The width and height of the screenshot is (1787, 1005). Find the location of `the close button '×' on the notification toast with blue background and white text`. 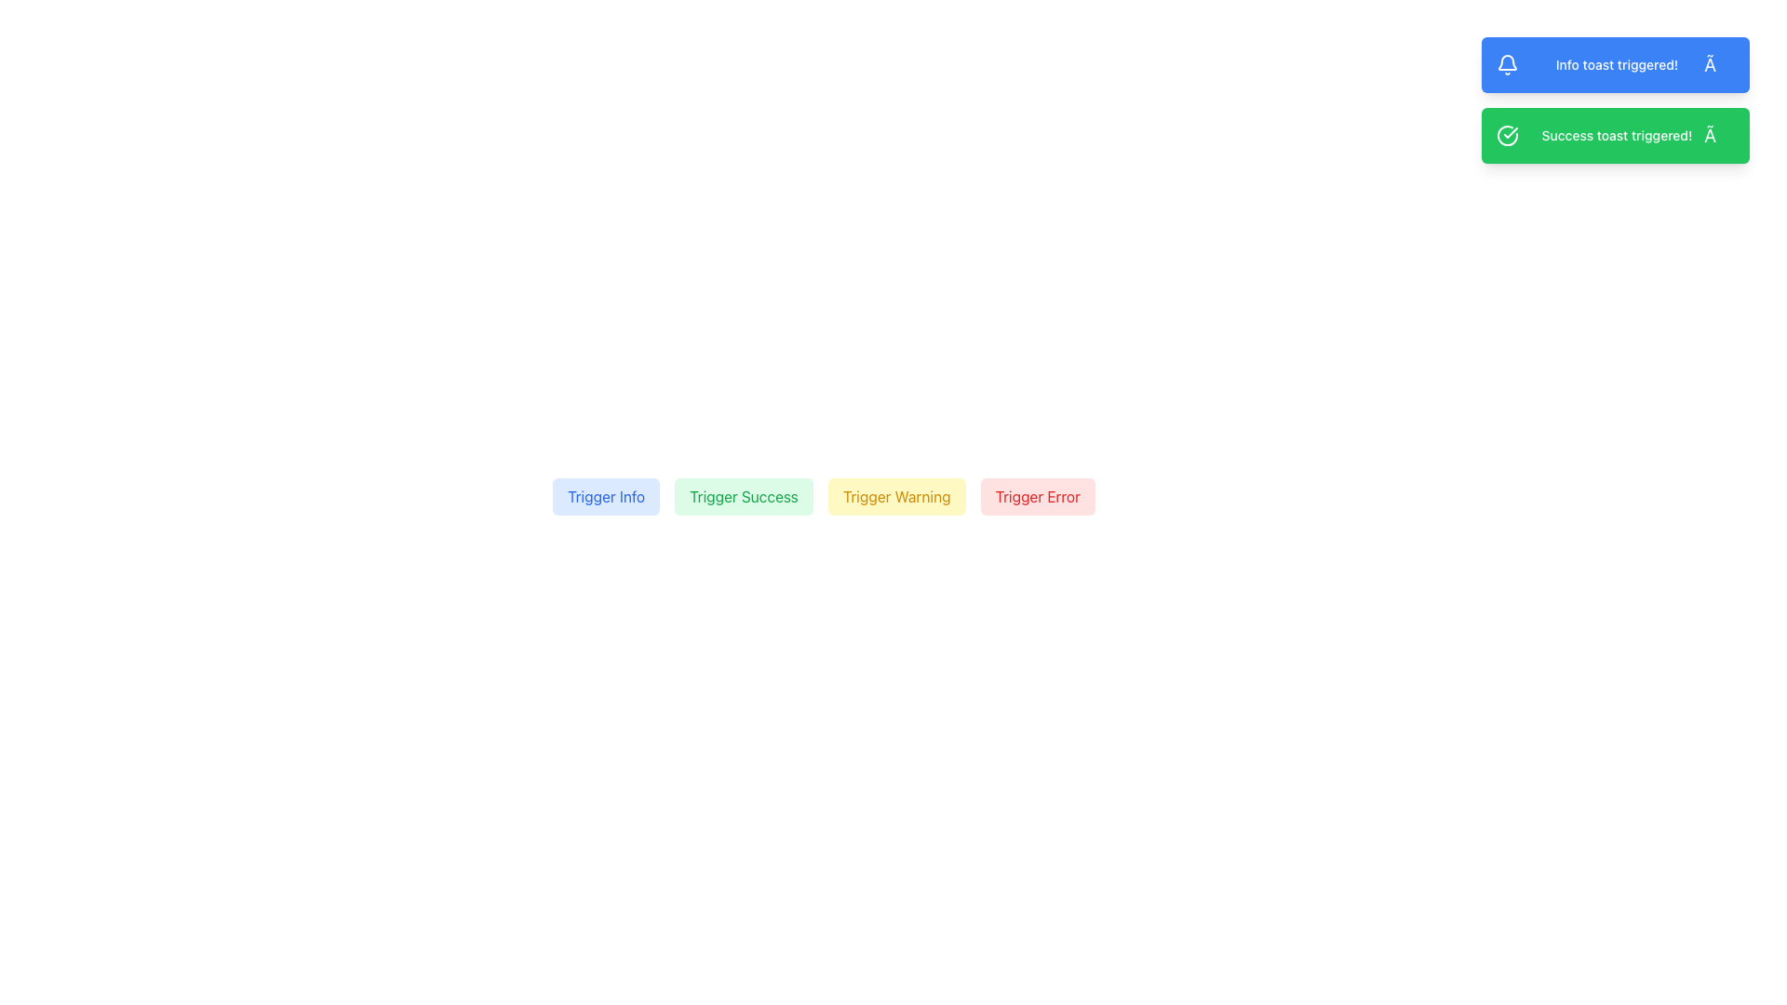

the close button '×' on the notification toast with blue background and white text is located at coordinates (1615, 63).